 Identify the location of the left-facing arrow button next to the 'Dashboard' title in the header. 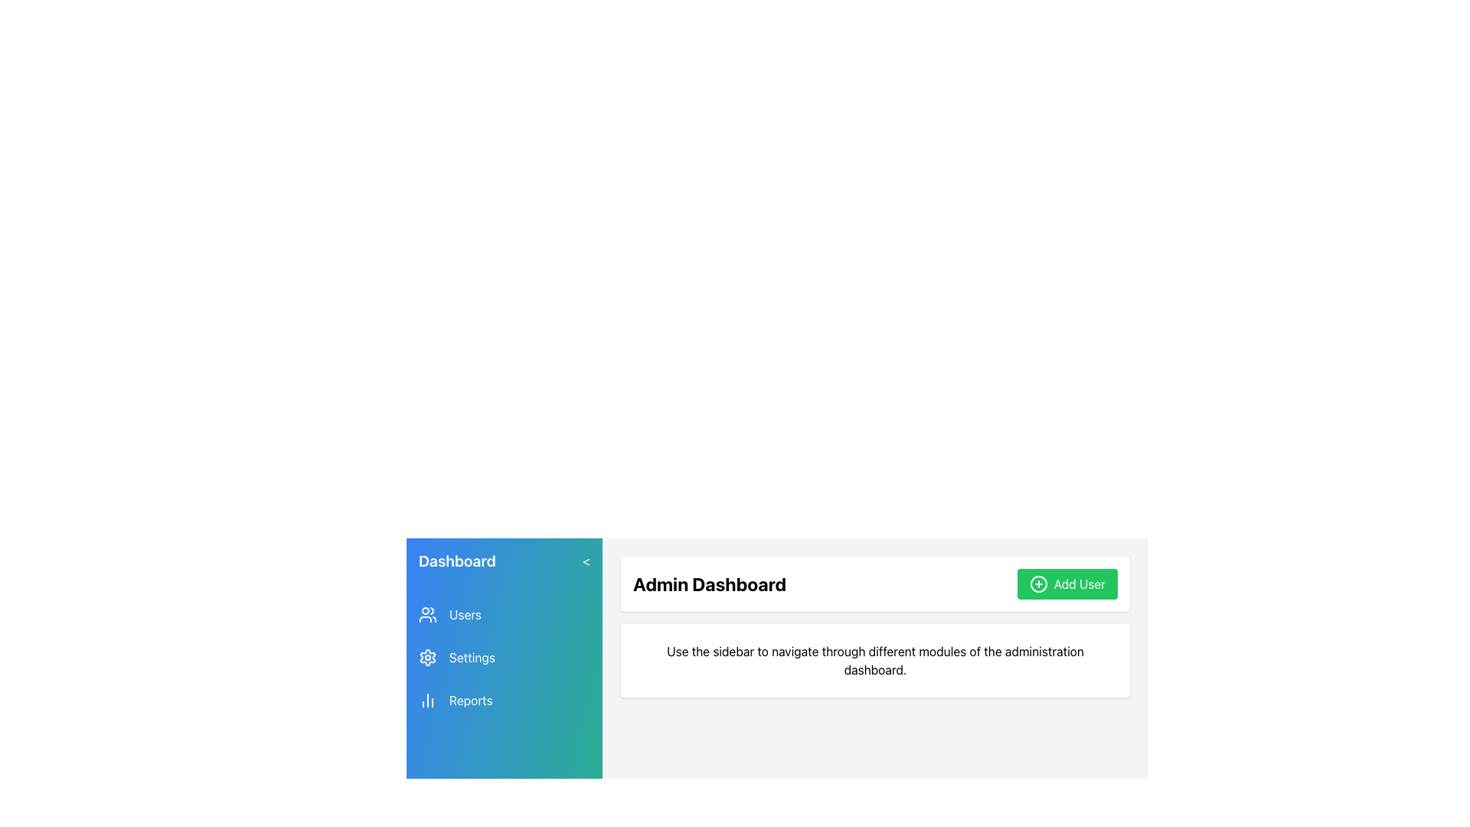
(586, 561).